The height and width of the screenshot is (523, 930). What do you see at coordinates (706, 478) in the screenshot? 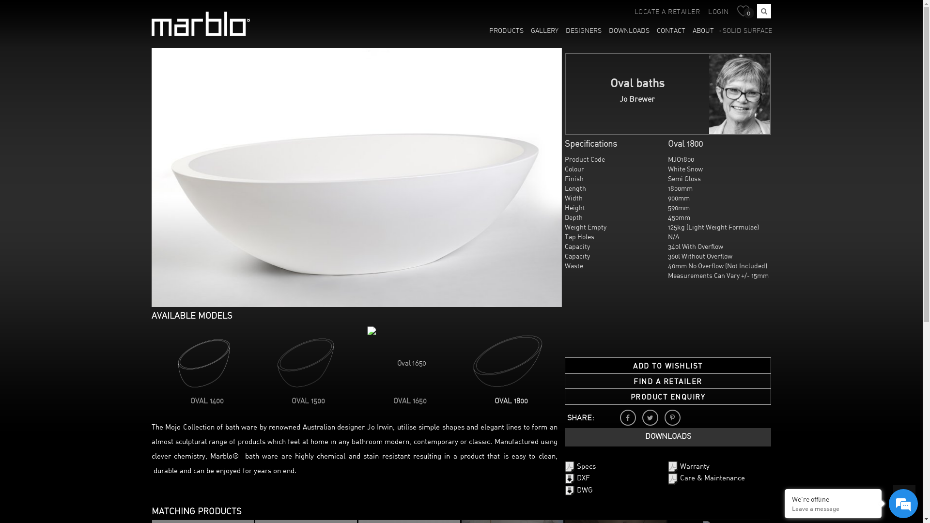
I see `'Care & Maintenance'` at bounding box center [706, 478].